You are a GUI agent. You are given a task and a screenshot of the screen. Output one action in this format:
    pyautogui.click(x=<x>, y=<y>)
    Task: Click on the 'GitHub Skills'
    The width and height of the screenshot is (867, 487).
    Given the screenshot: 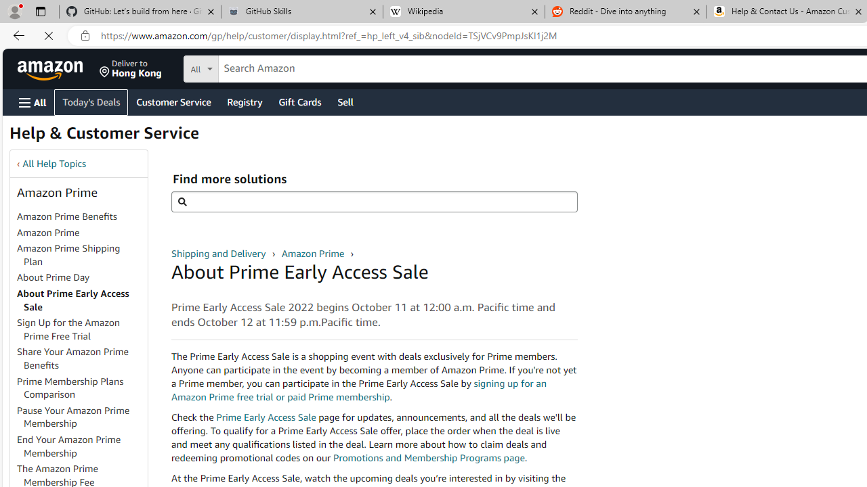 What is the action you would take?
    pyautogui.click(x=301, y=11)
    